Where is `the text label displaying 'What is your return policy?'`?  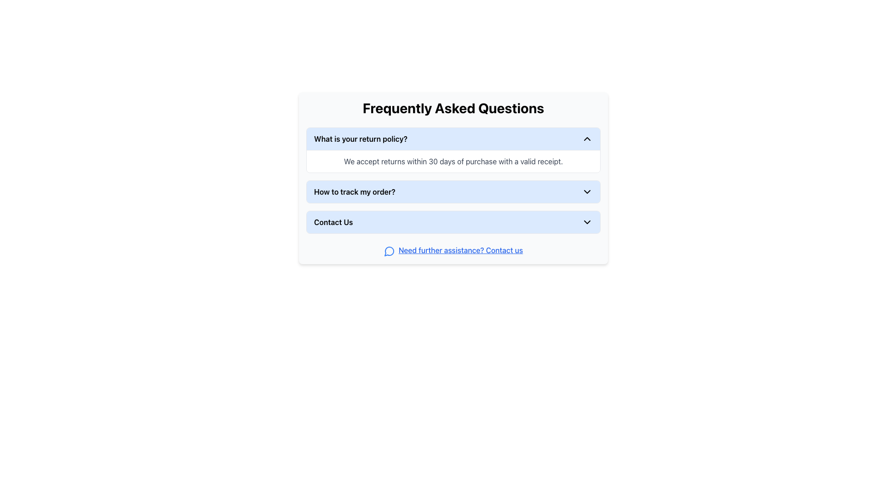
the text label displaying 'What is your return policy?' is located at coordinates (360, 139).